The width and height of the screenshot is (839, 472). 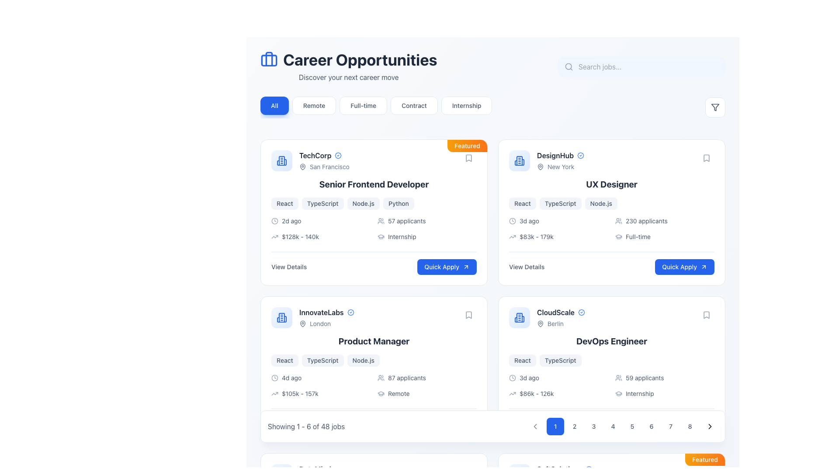 I want to click on the compound text element displaying 'TechCorp' and the location 'San Francisco', so click(x=324, y=160).